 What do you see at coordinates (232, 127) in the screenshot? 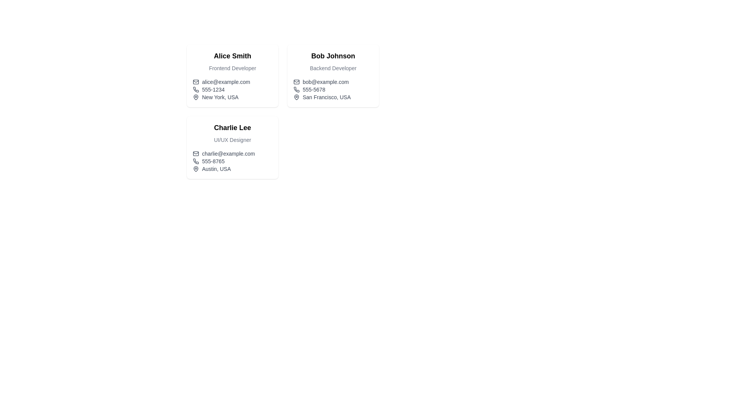
I see `the Text label representing the name of the individual featured in the middle card of the bottom row within a grid of cards` at bounding box center [232, 127].